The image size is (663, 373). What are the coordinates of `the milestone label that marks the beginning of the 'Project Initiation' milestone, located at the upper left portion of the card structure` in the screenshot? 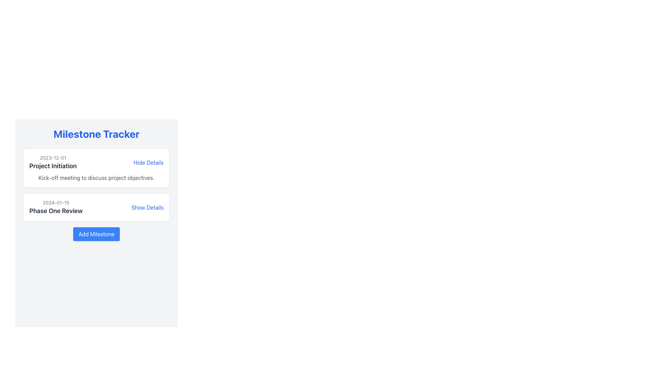 It's located at (52, 162).